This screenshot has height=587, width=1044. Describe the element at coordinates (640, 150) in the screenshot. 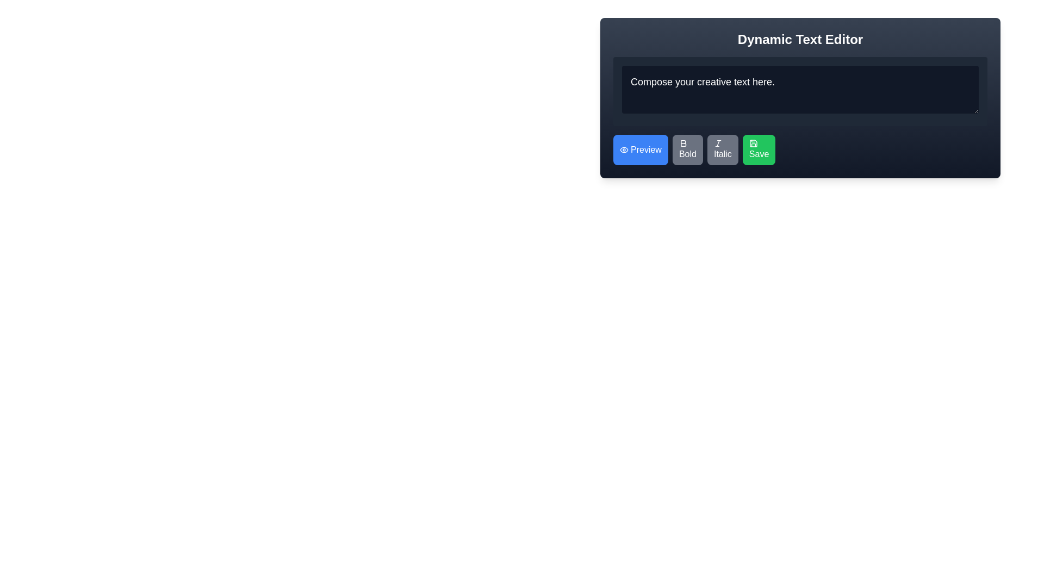

I see `the 'Preview' button with a blue background and white text` at that location.